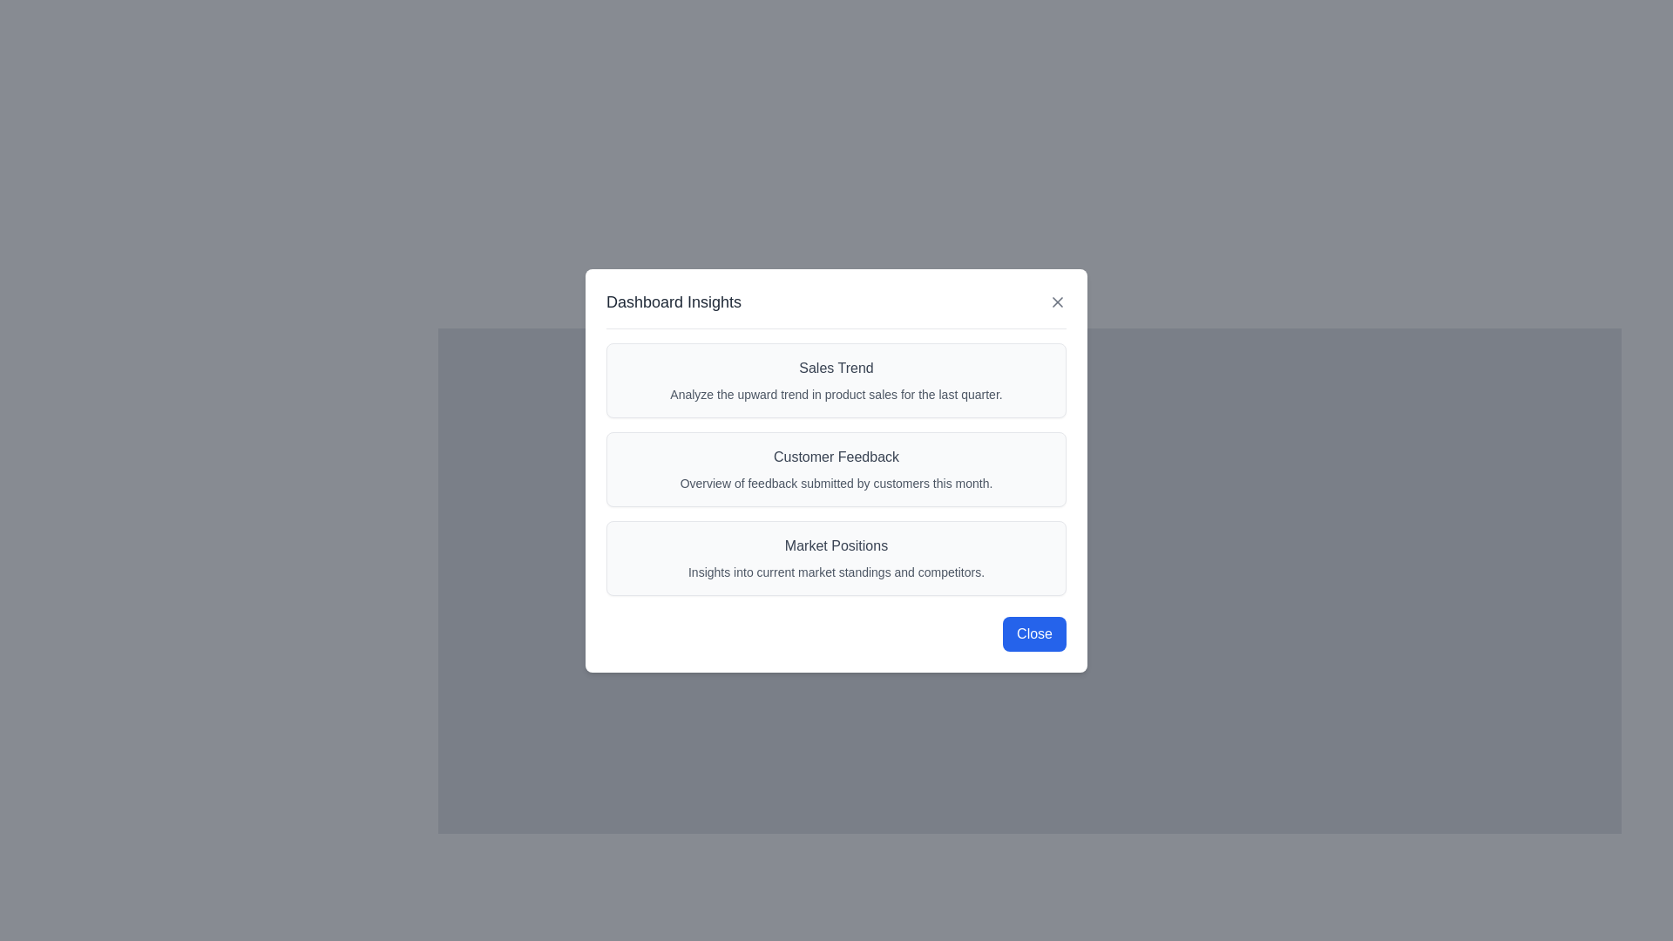  I want to click on the center of the section header element that provides an overview of customer feedback for the current month, positioned as the second option in a vertical list within a modal dialog box, so click(836, 467).